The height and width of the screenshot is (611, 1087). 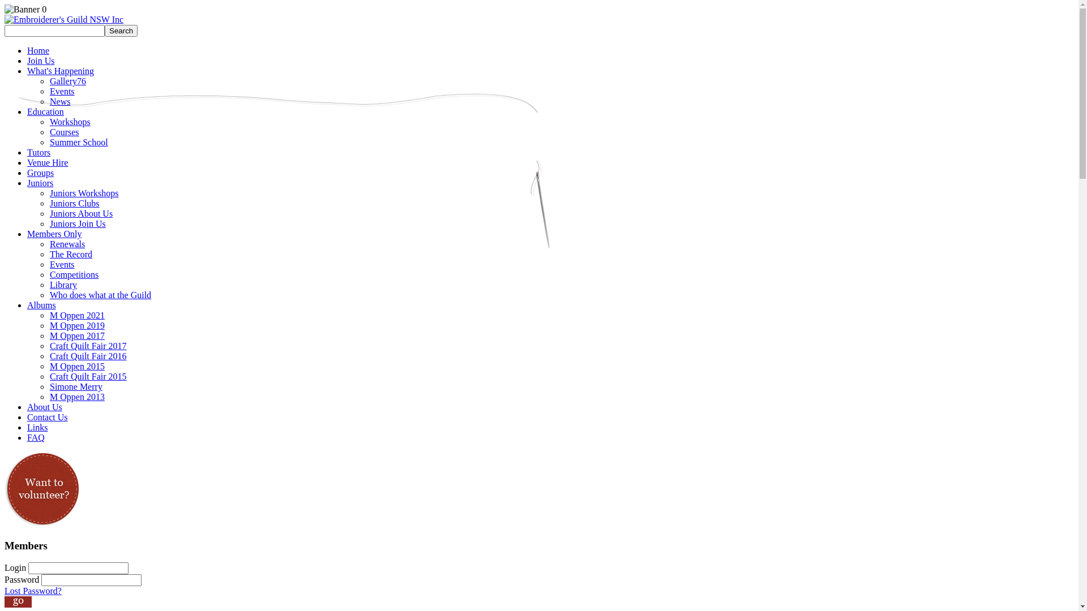 I want to click on 'Events', so click(x=62, y=91).